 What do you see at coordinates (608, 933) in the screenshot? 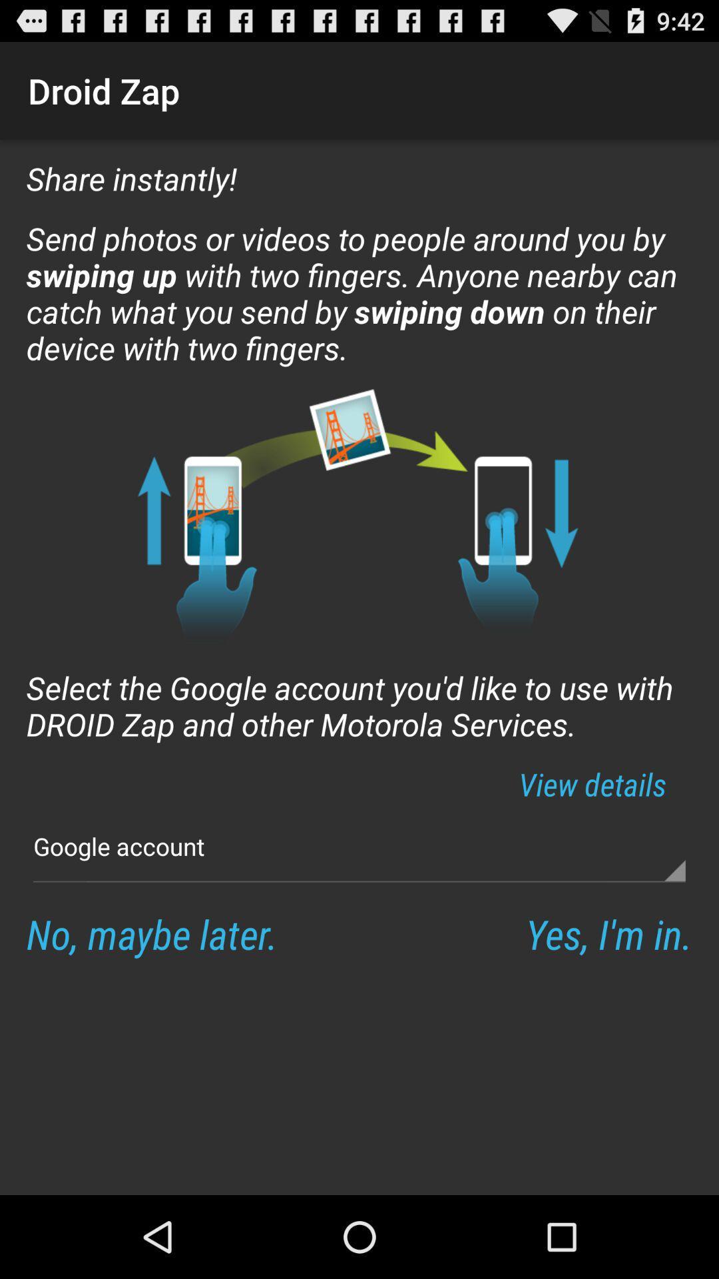
I see `icon to the right of the no, maybe later. item` at bounding box center [608, 933].